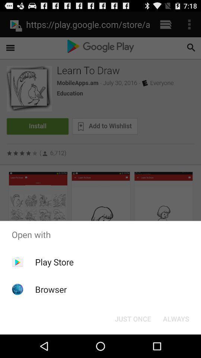 This screenshot has width=201, height=358. I want to click on browser app, so click(51, 289).